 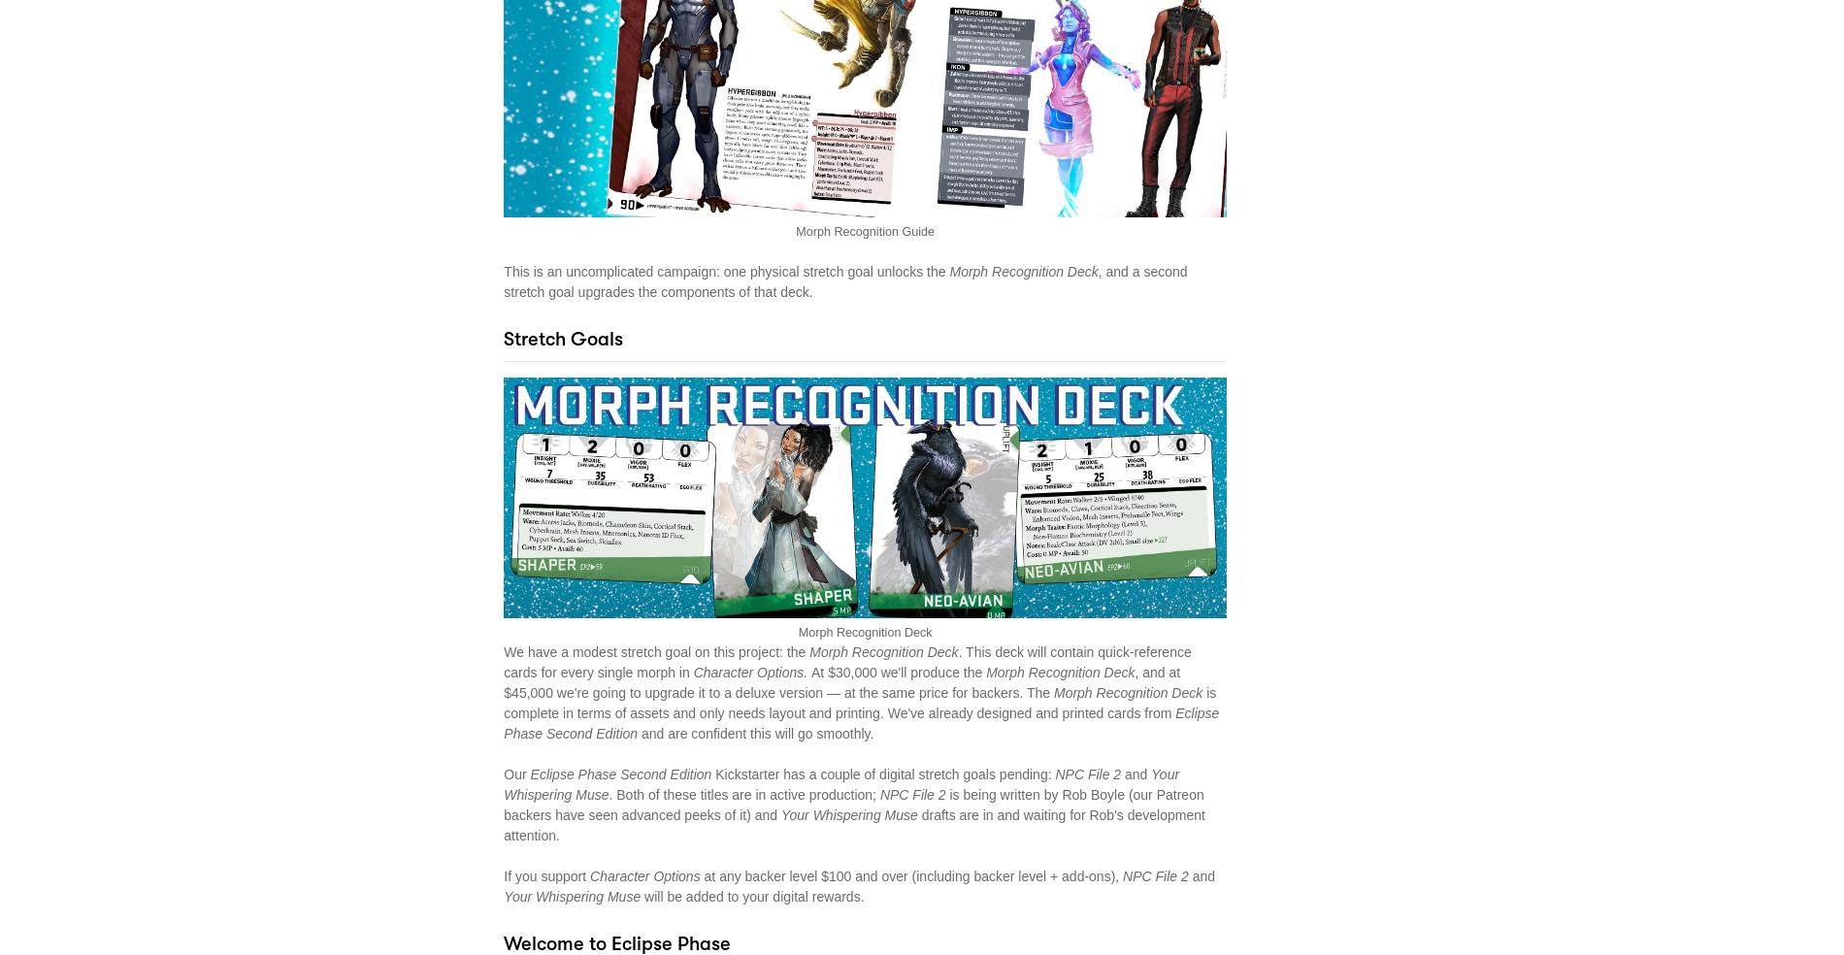 What do you see at coordinates (840, 682) in the screenshot?
I see `', and at $45,000 we're going to upgrade it to a deluxe version — at the same price for backers. The'` at bounding box center [840, 682].